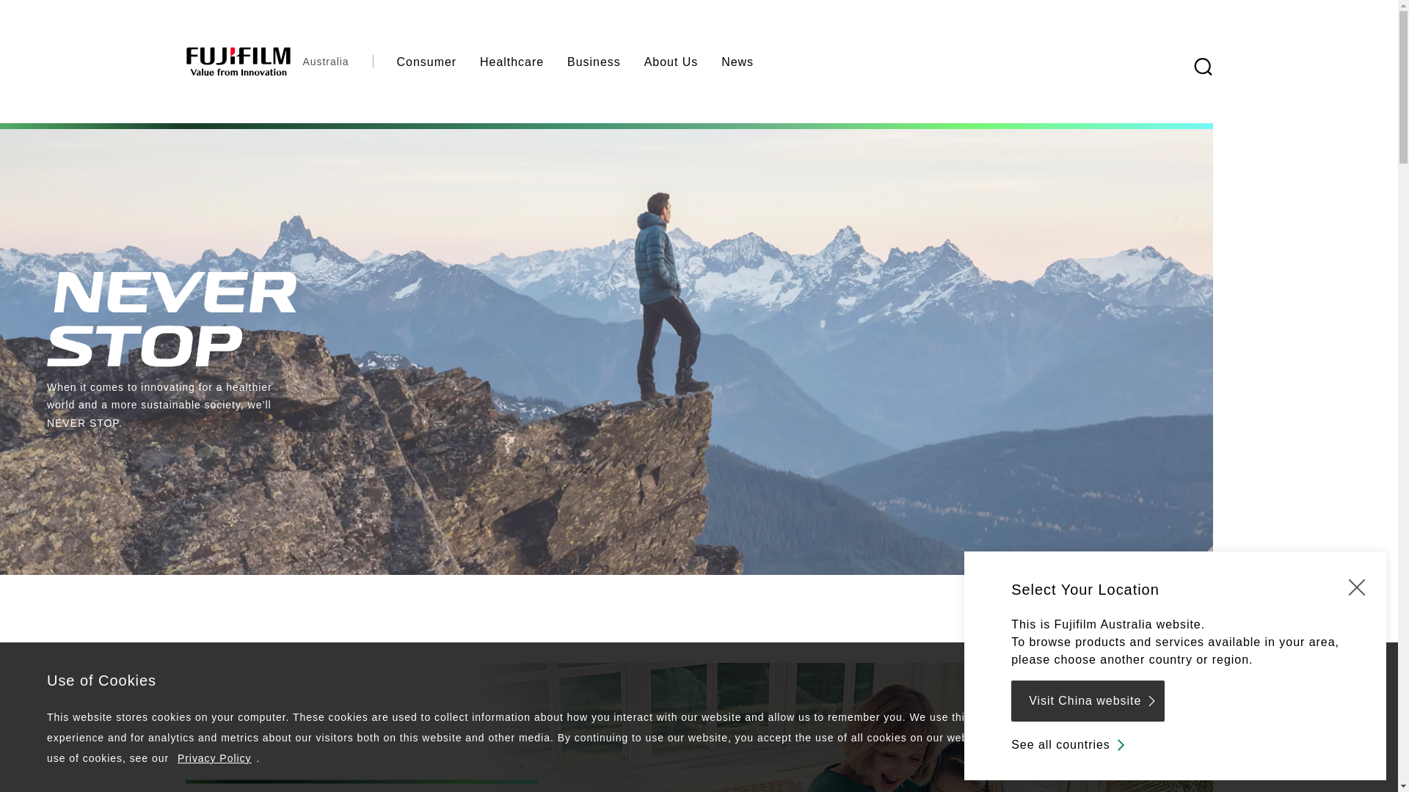 This screenshot has width=1409, height=792. What do you see at coordinates (176, 758) in the screenshot?
I see `'Privacy Policy'` at bounding box center [176, 758].